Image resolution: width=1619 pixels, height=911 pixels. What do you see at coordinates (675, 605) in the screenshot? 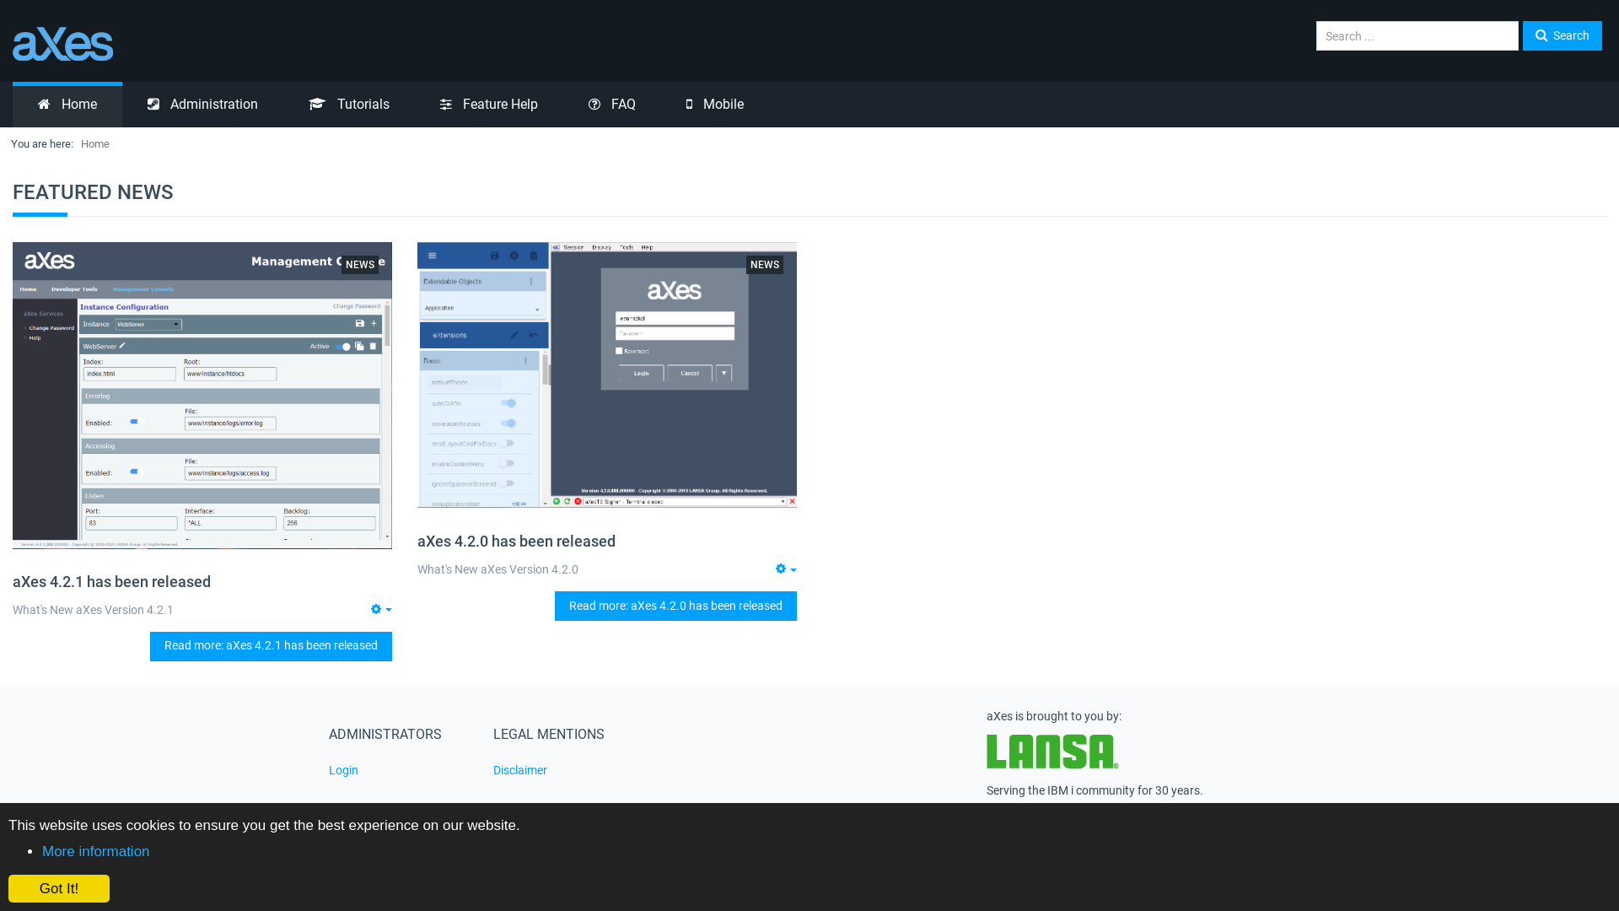
I see `'Read more: aXes 4.2.0 has been released'` at bounding box center [675, 605].